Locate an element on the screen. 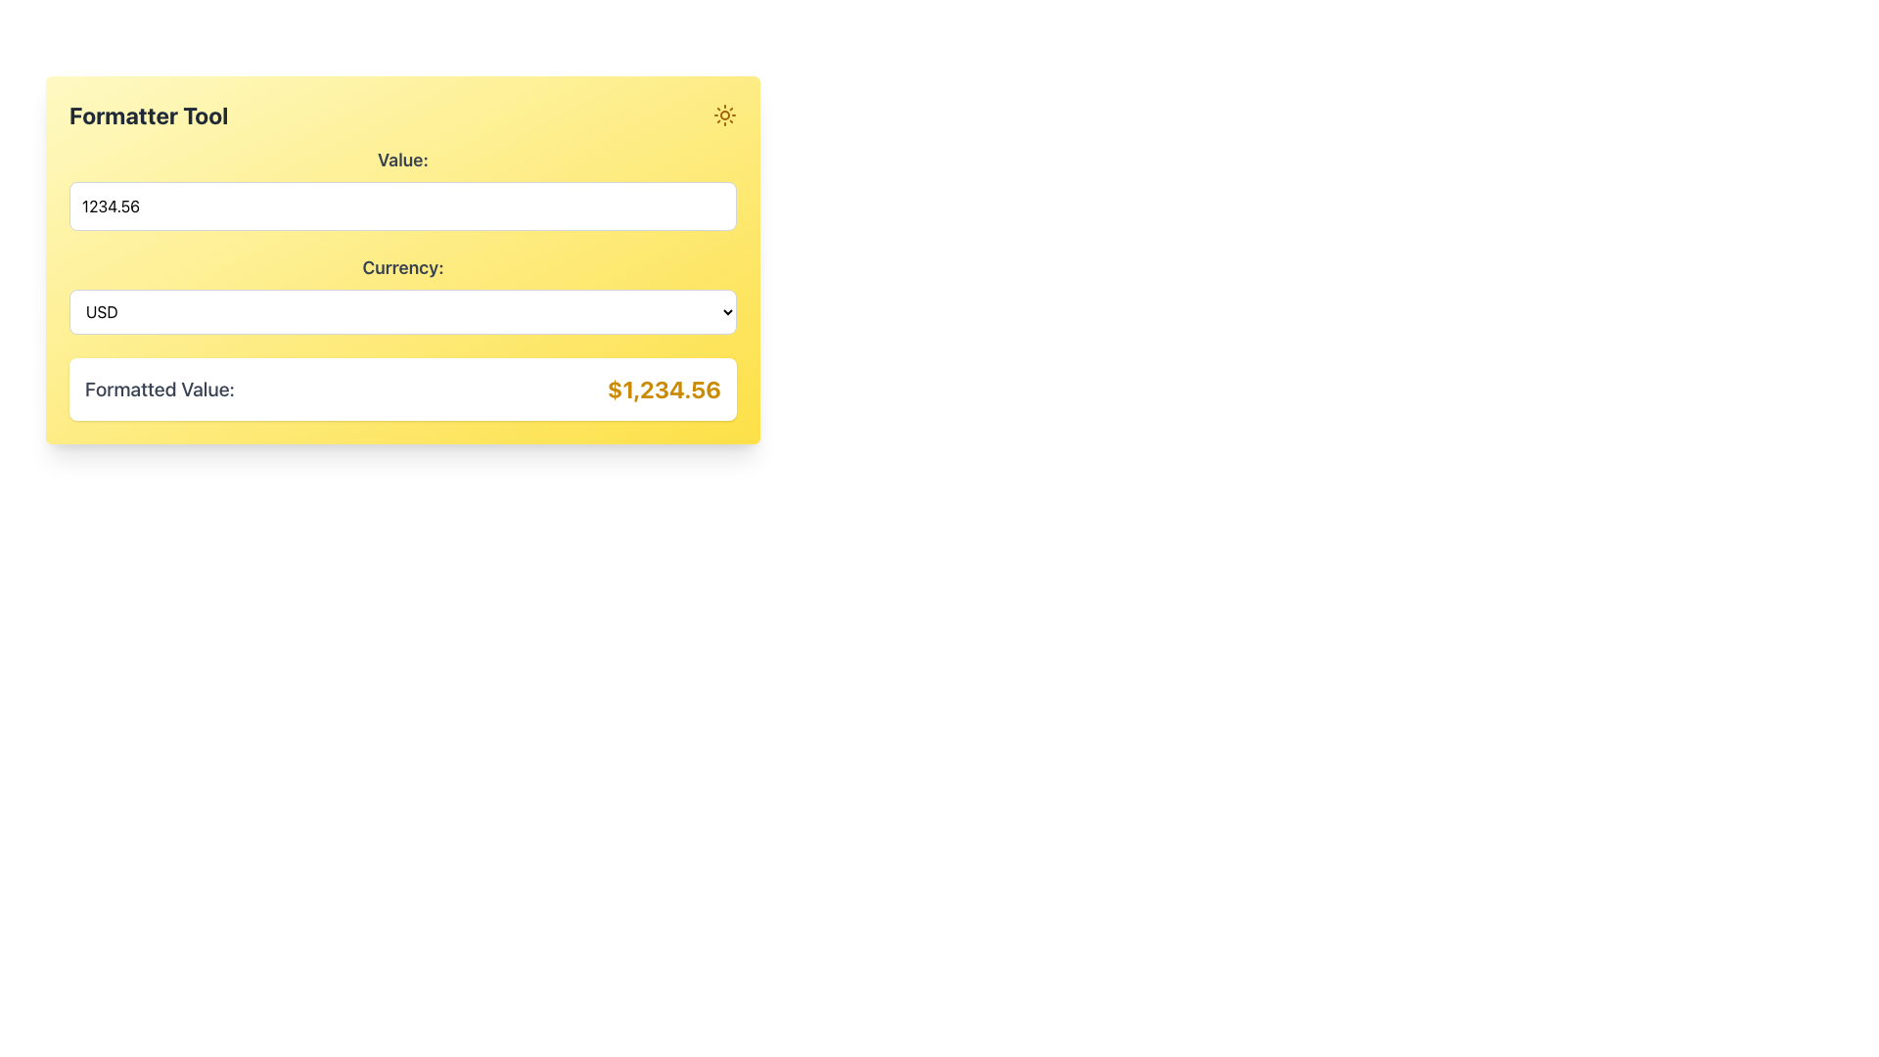 The width and height of the screenshot is (1879, 1057). text label displaying 'Formatted Value:' which is styled with a moderately large gray font and located in a white box on a yellow background is located at coordinates (160, 389).